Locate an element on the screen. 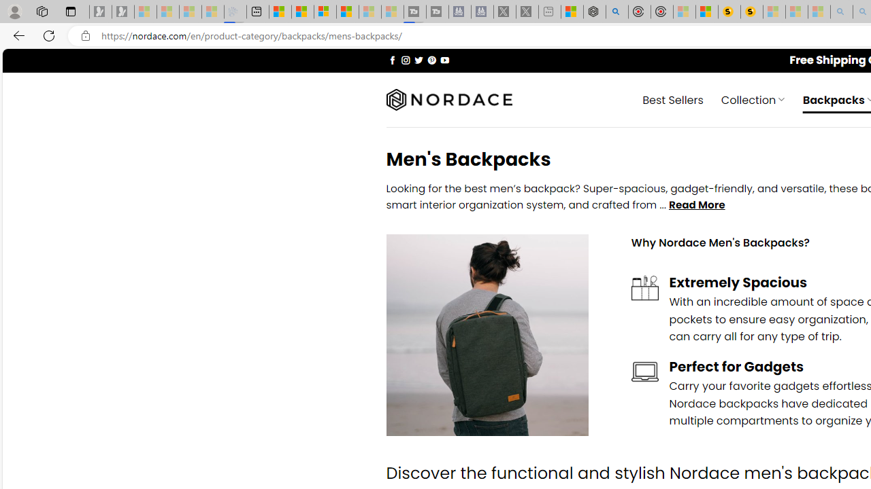  'Follow on Instagram' is located at coordinates (405, 59).